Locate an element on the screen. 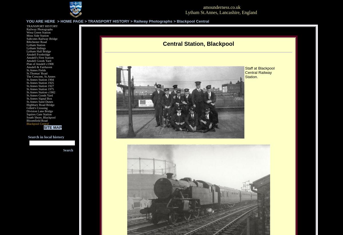 This screenshot has width=343, height=235. 'SITE MAP' is located at coordinates (43, 127).